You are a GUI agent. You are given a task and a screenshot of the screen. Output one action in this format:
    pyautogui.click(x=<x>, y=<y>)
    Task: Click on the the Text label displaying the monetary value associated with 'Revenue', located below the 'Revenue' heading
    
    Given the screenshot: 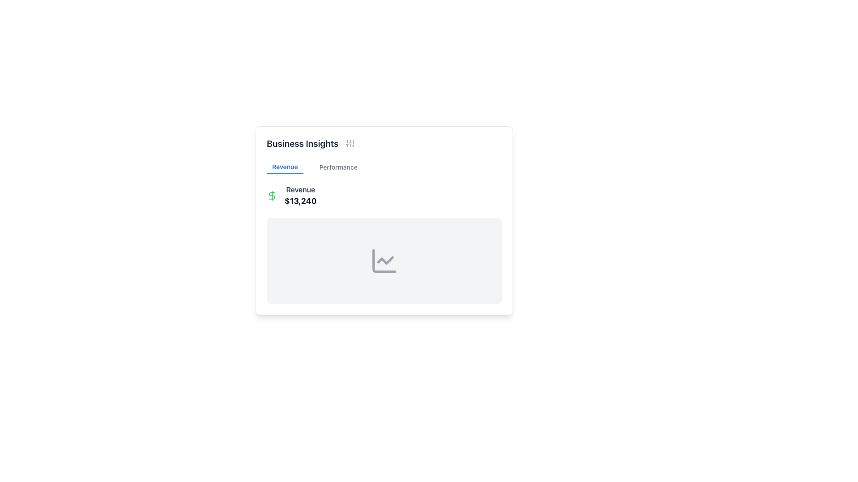 What is the action you would take?
    pyautogui.click(x=300, y=201)
    